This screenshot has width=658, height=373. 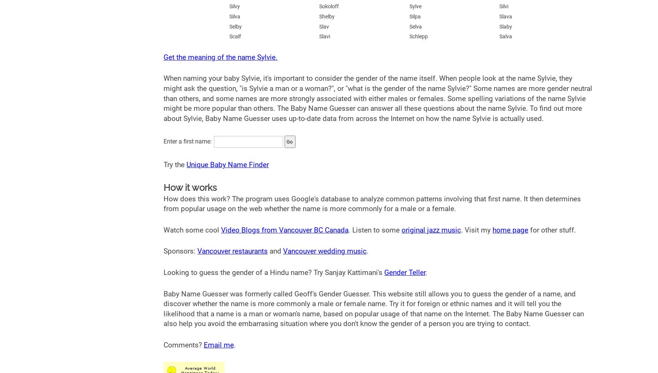 What do you see at coordinates (220, 57) in the screenshot?
I see `'Get the meaning of the name Sylvie.'` at bounding box center [220, 57].